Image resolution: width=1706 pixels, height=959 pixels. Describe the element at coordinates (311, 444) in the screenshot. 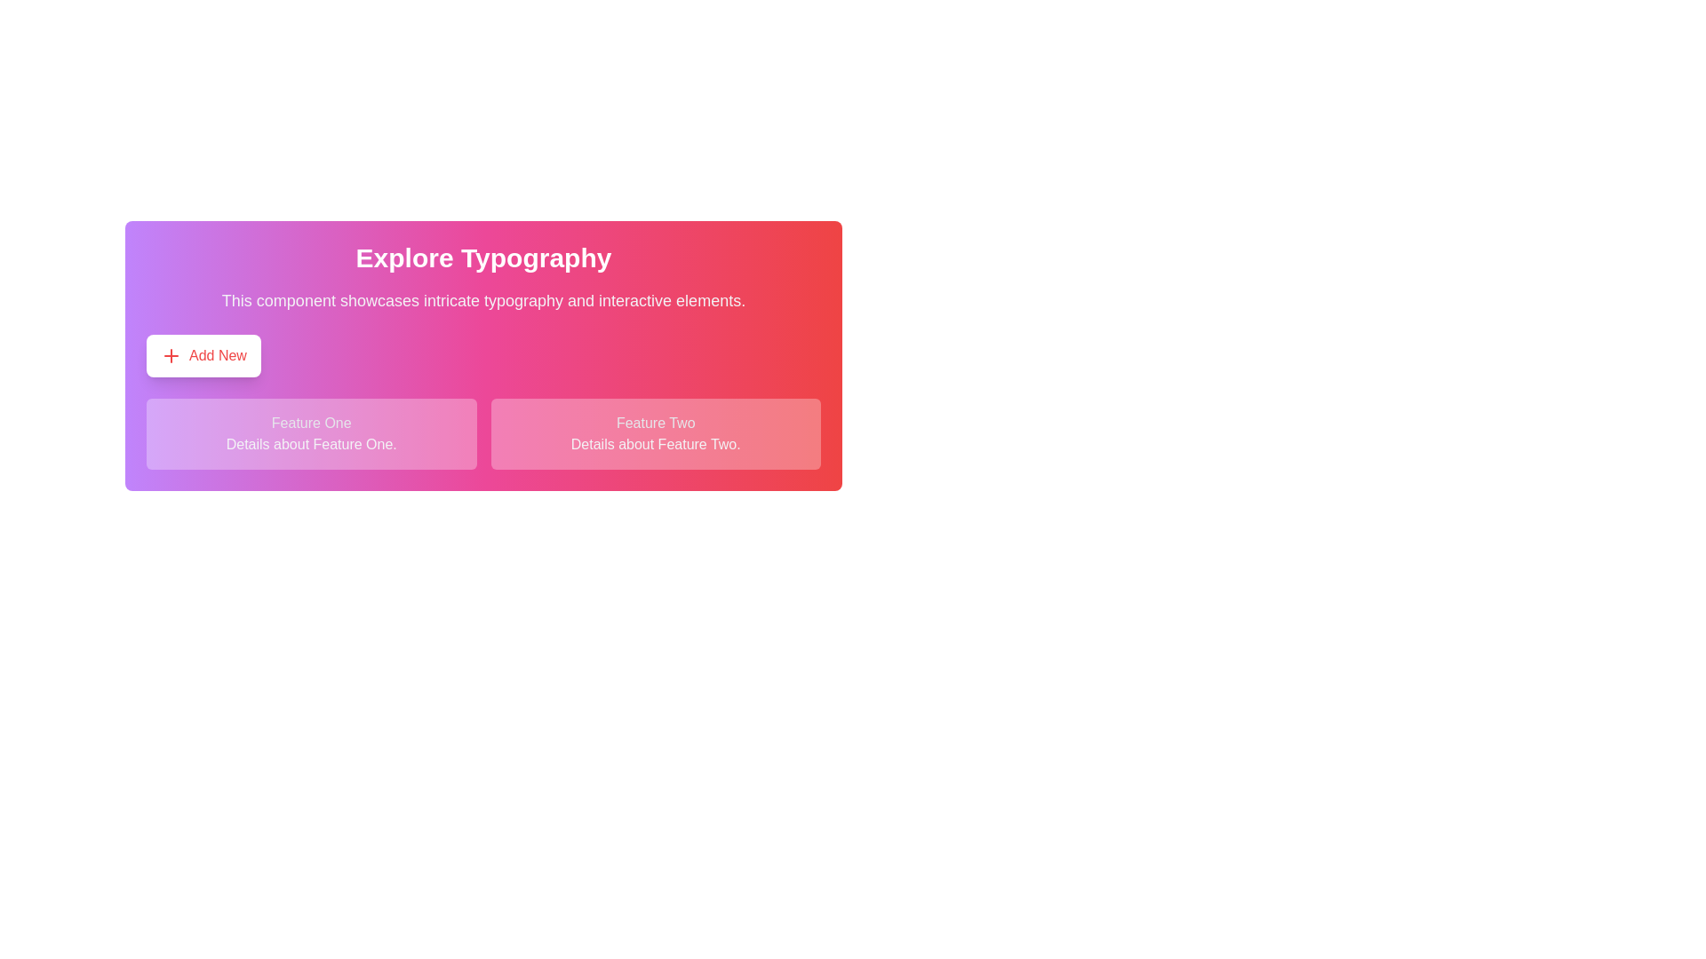

I see `the static text label providing information about 'Feature One', positioned inside the 'Feature One' panel below its heading` at that location.